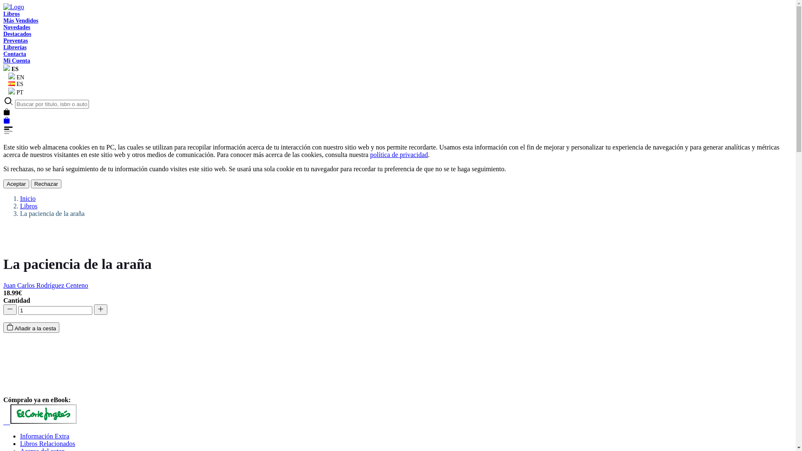 Image resolution: width=802 pixels, height=451 pixels. I want to click on 'PT', so click(13, 92).